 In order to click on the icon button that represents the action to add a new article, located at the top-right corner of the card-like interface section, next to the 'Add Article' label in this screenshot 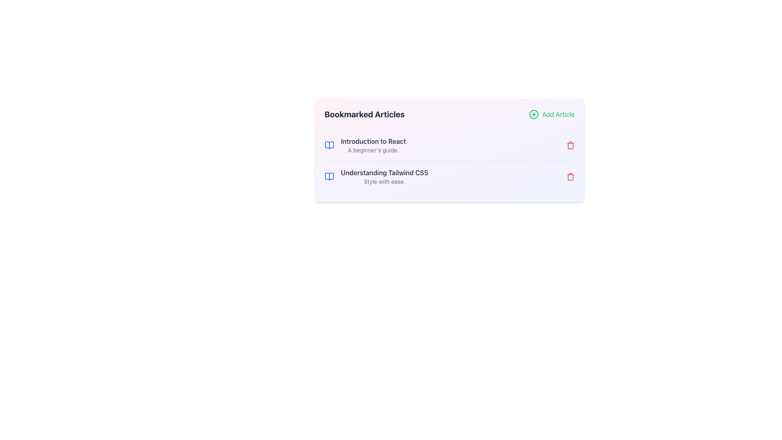, I will do `click(534, 114)`.